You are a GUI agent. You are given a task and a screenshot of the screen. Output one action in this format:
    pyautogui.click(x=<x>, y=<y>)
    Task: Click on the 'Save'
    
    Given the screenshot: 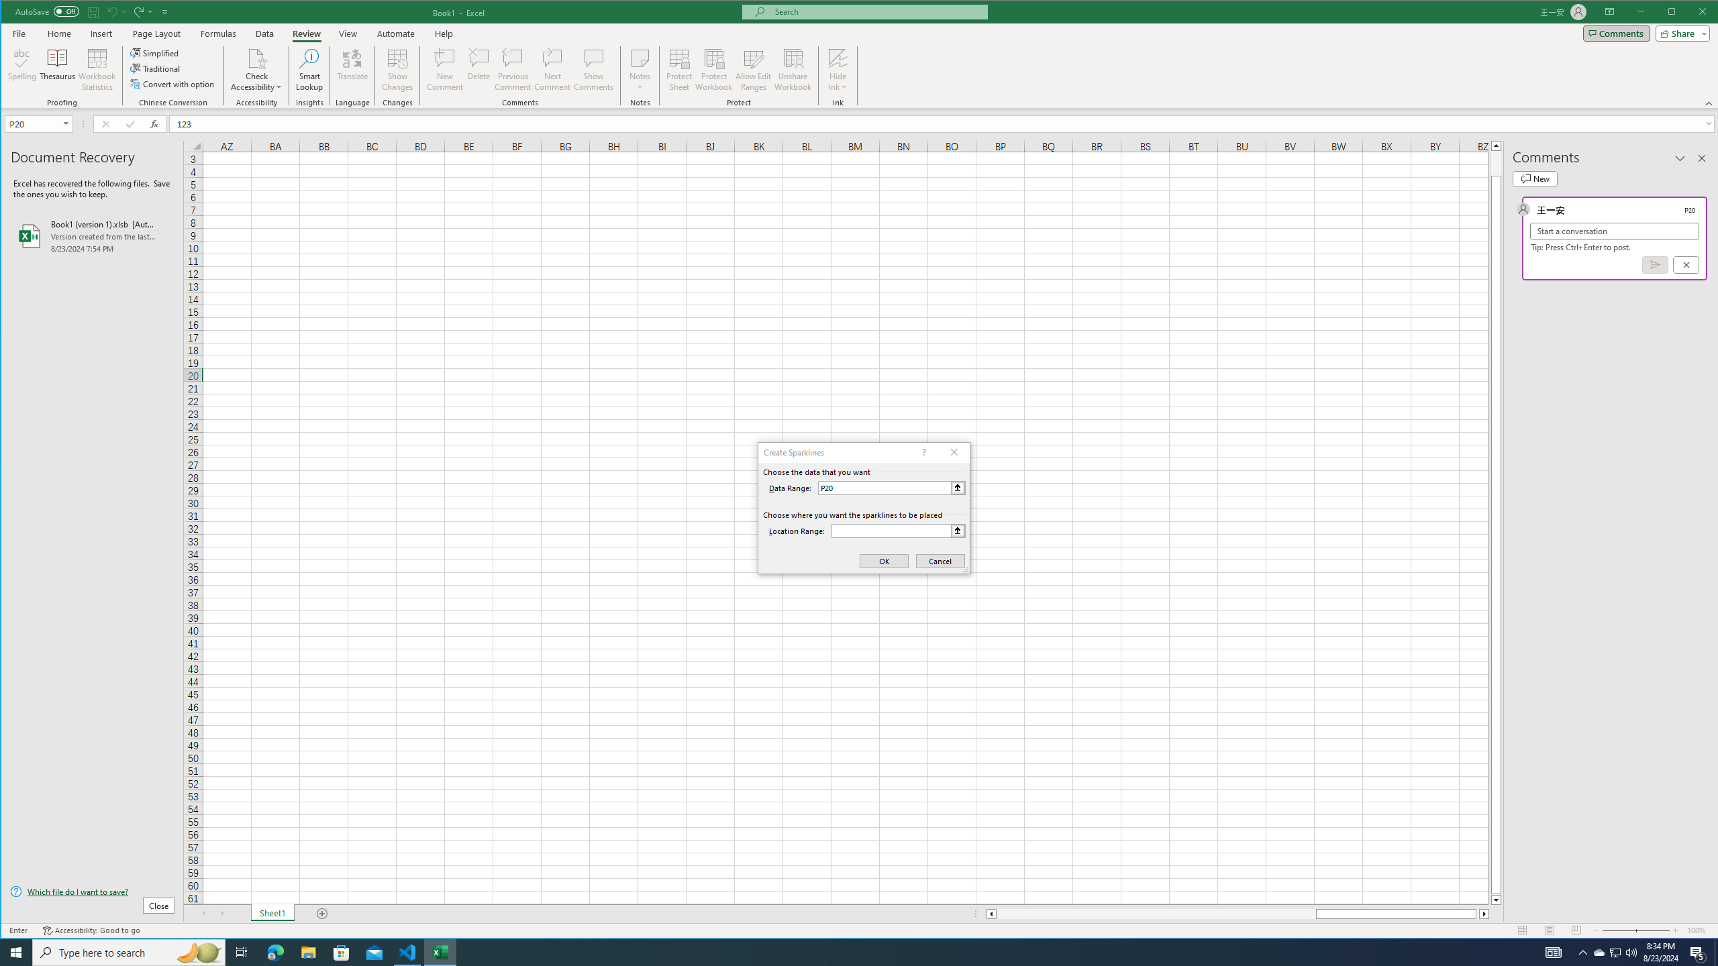 What is the action you would take?
    pyautogui.click(x=93, y=11)
    